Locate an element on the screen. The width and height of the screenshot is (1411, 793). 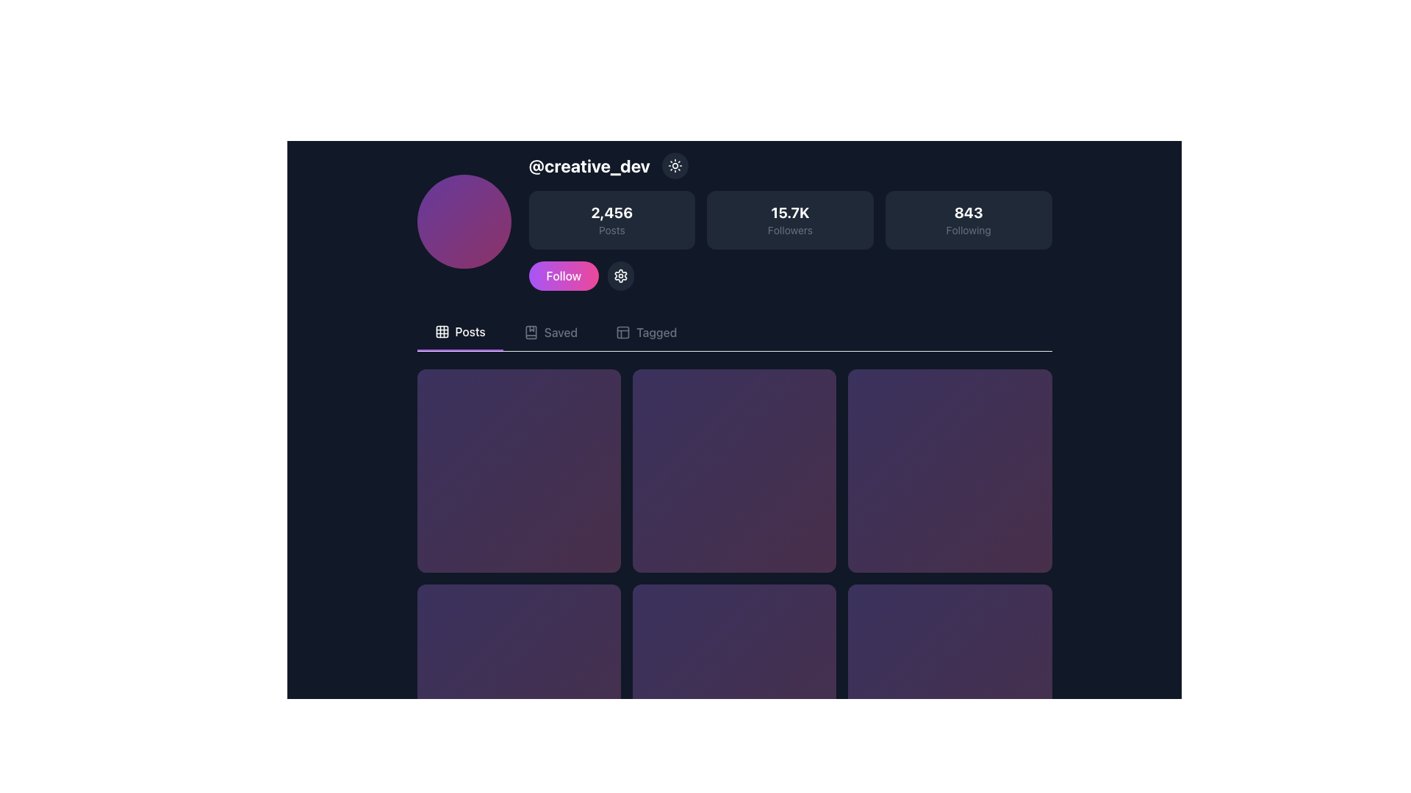
the 'Tagged' button, which features a grid icon and is styled with medium gray text against a dark background is located at coordinates (646, 332).